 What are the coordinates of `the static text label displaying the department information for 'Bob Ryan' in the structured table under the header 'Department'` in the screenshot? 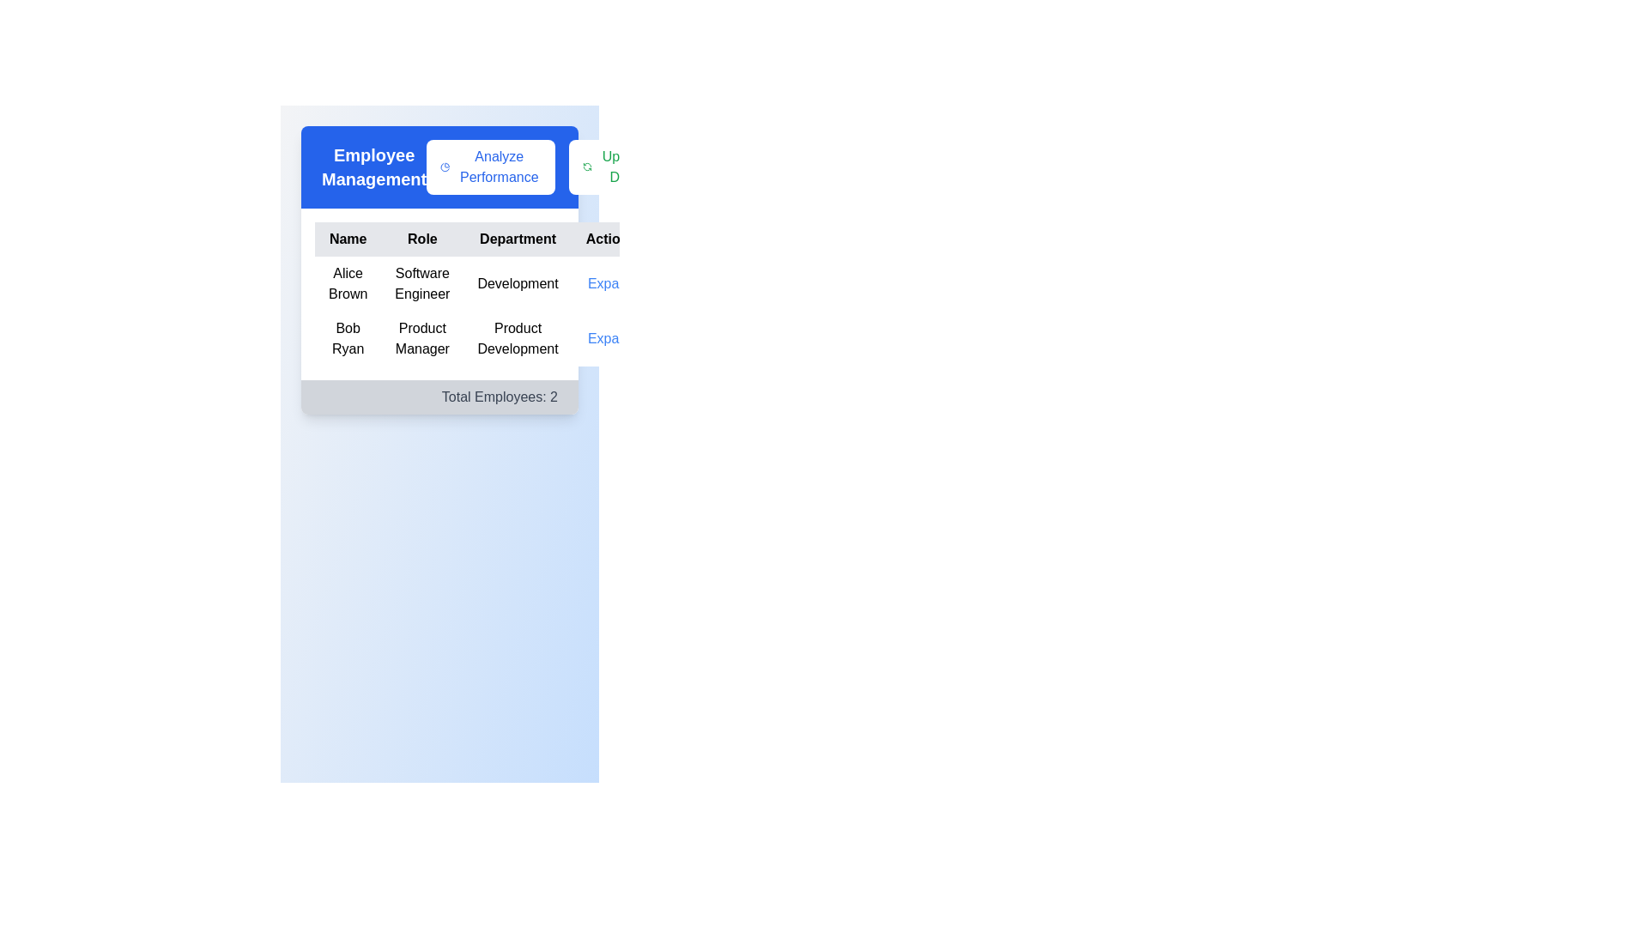 It's located at (517, 338).